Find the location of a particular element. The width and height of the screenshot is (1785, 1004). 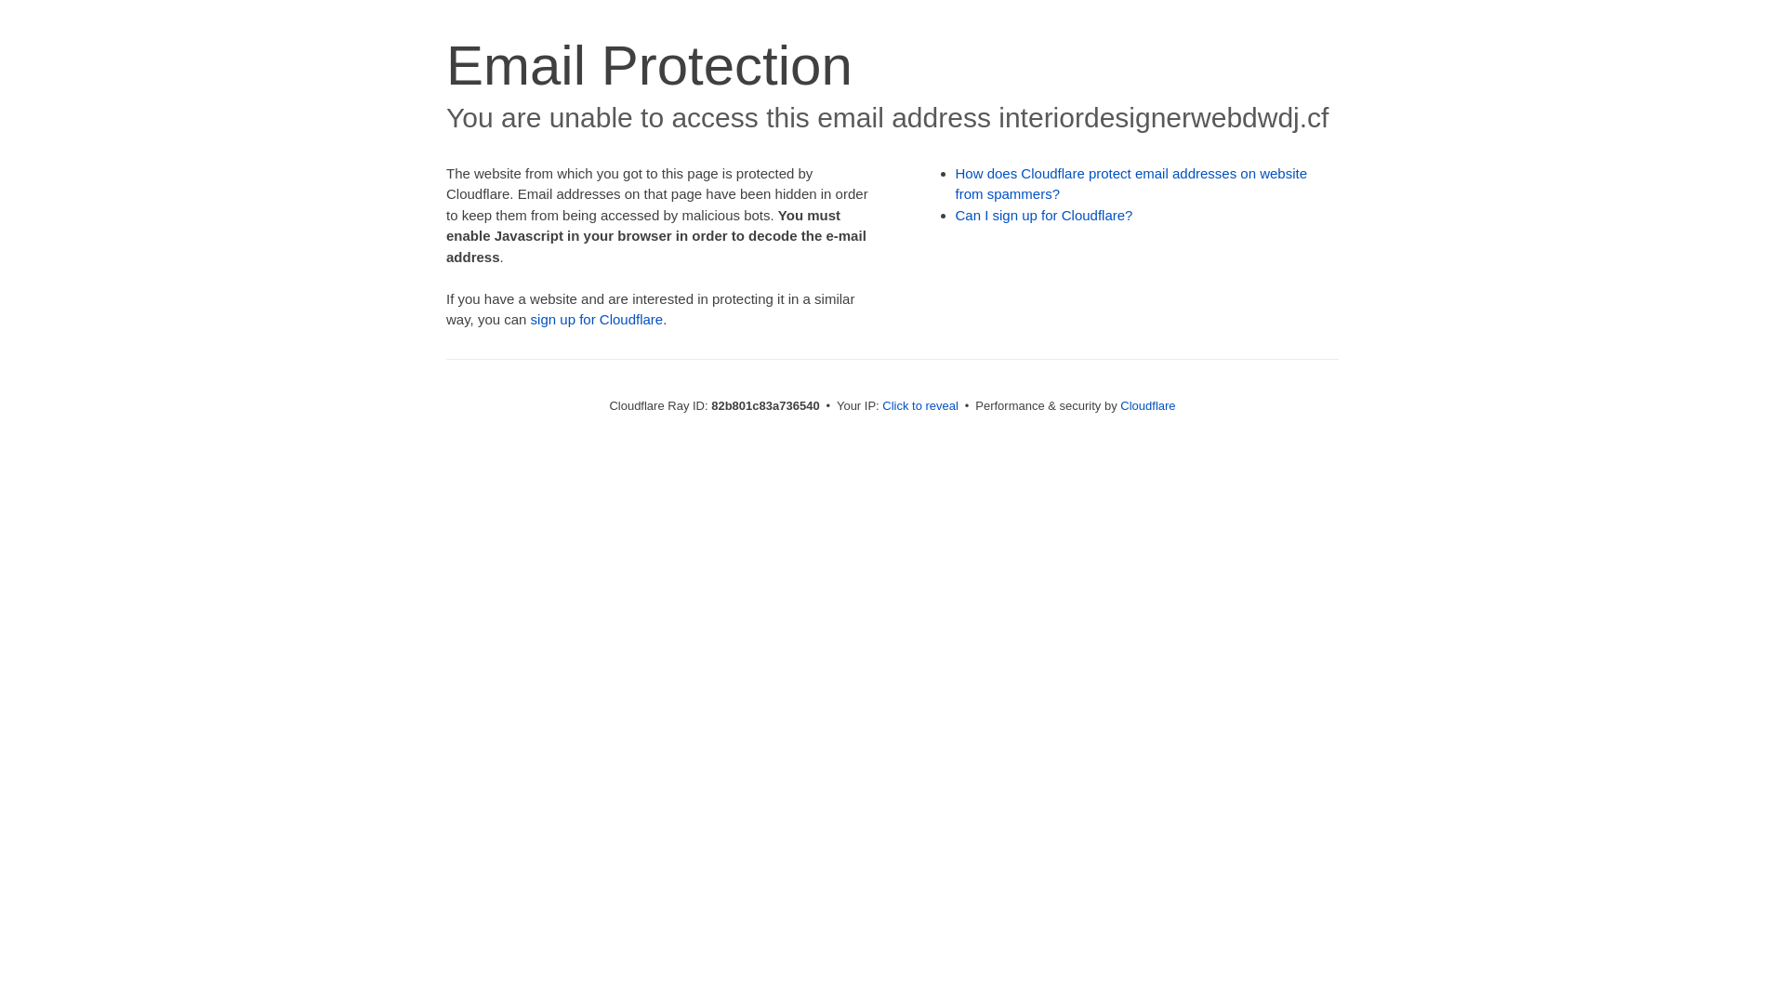

'Cloudflare' is located at coordinates (1146, 404).